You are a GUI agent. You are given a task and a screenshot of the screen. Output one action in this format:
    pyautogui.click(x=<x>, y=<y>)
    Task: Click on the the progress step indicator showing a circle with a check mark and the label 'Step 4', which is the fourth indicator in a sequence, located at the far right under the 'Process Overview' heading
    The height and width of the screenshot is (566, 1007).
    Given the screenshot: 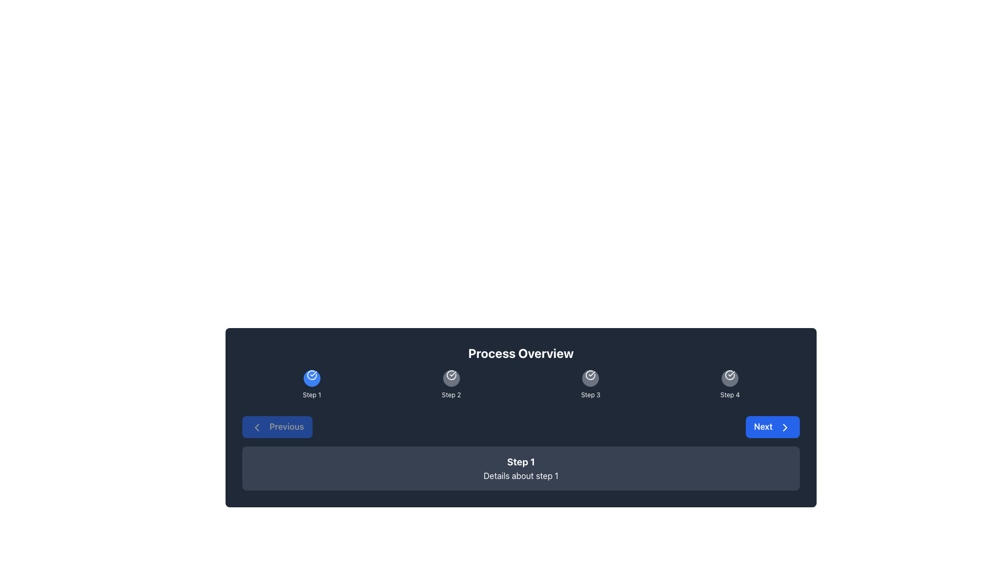 What is the action you would take?
    pyautogui.click(x=730, y=384)
    